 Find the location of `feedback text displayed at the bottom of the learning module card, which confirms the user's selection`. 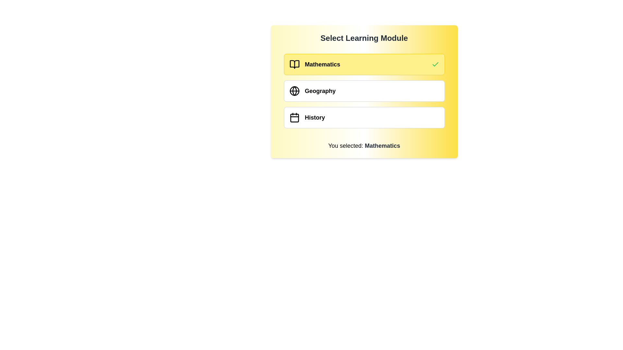

feedback text displayed at the bottom of the learning module card, which confirms the user's selection is located at coordinates (364, 146).